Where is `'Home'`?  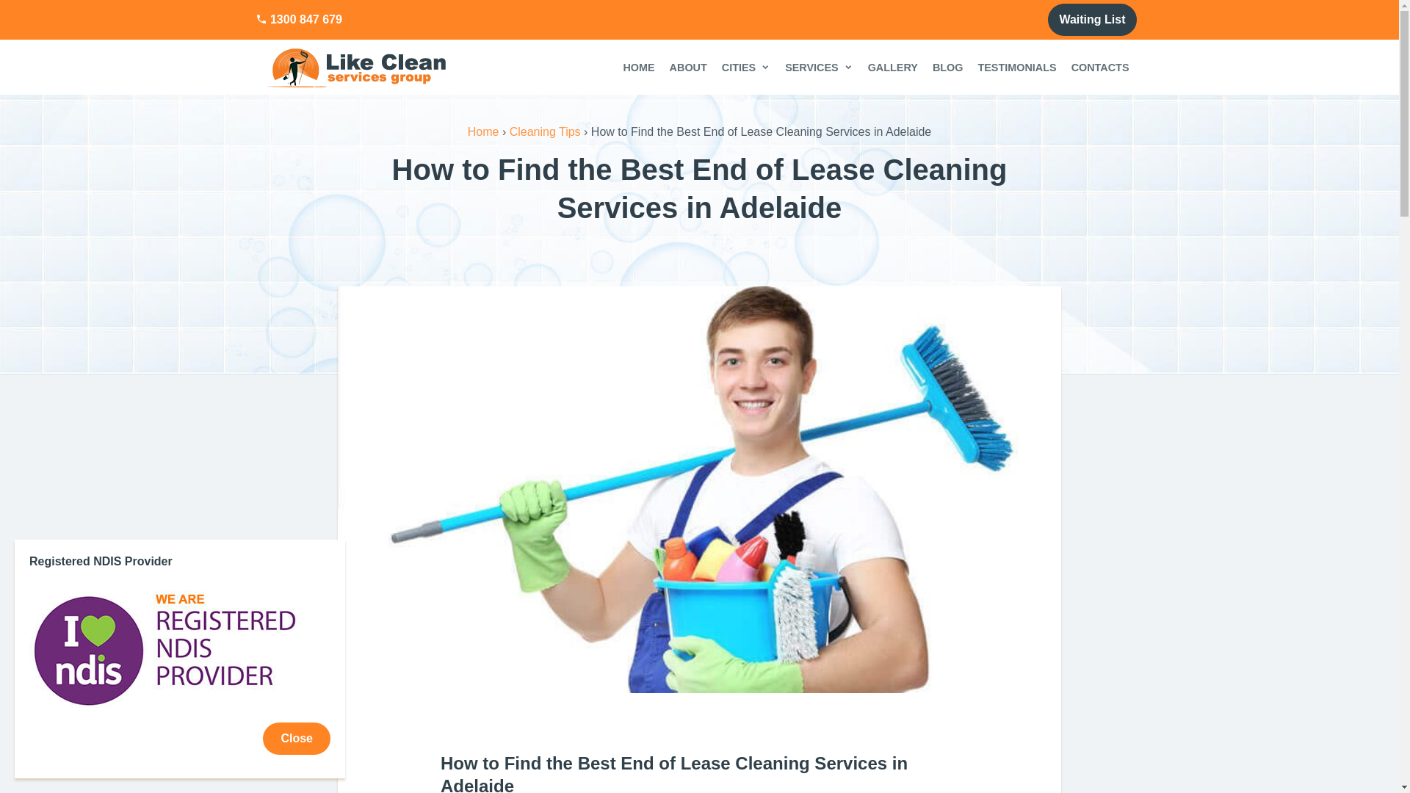
'Home' is located at coordinates (483, 131).